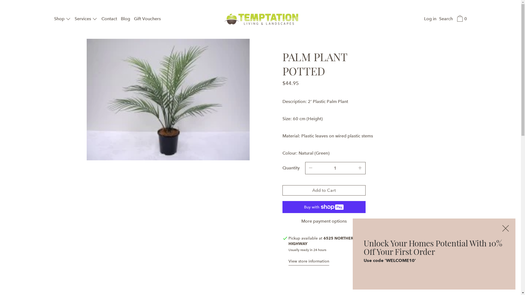  I want to click on 'Shop', so click(52, 19).